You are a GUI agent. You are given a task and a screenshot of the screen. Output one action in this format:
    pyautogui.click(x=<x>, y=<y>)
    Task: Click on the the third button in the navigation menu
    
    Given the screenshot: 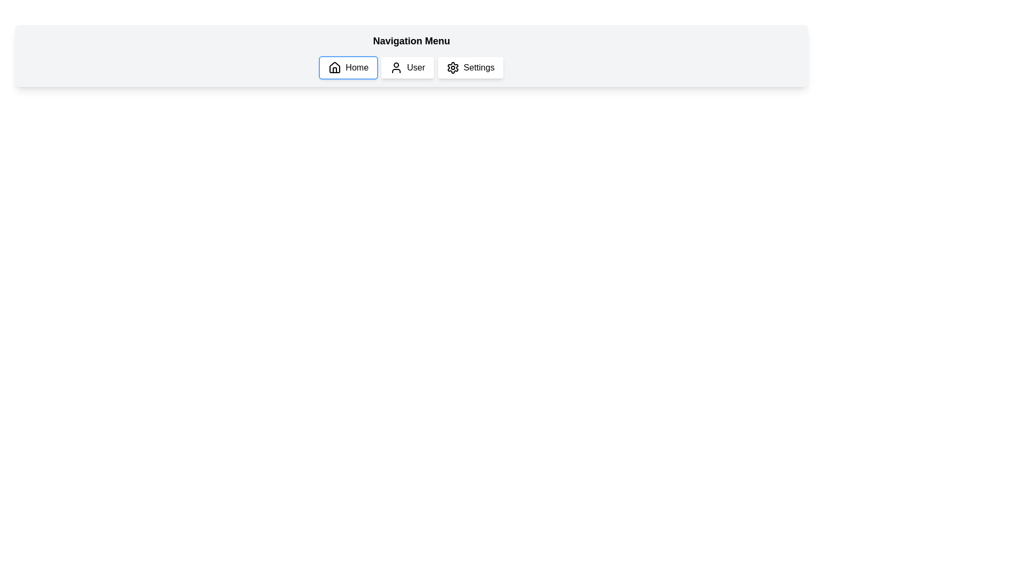 What is the action you would take?
    pyautogui.click(x=470, y=68)
    